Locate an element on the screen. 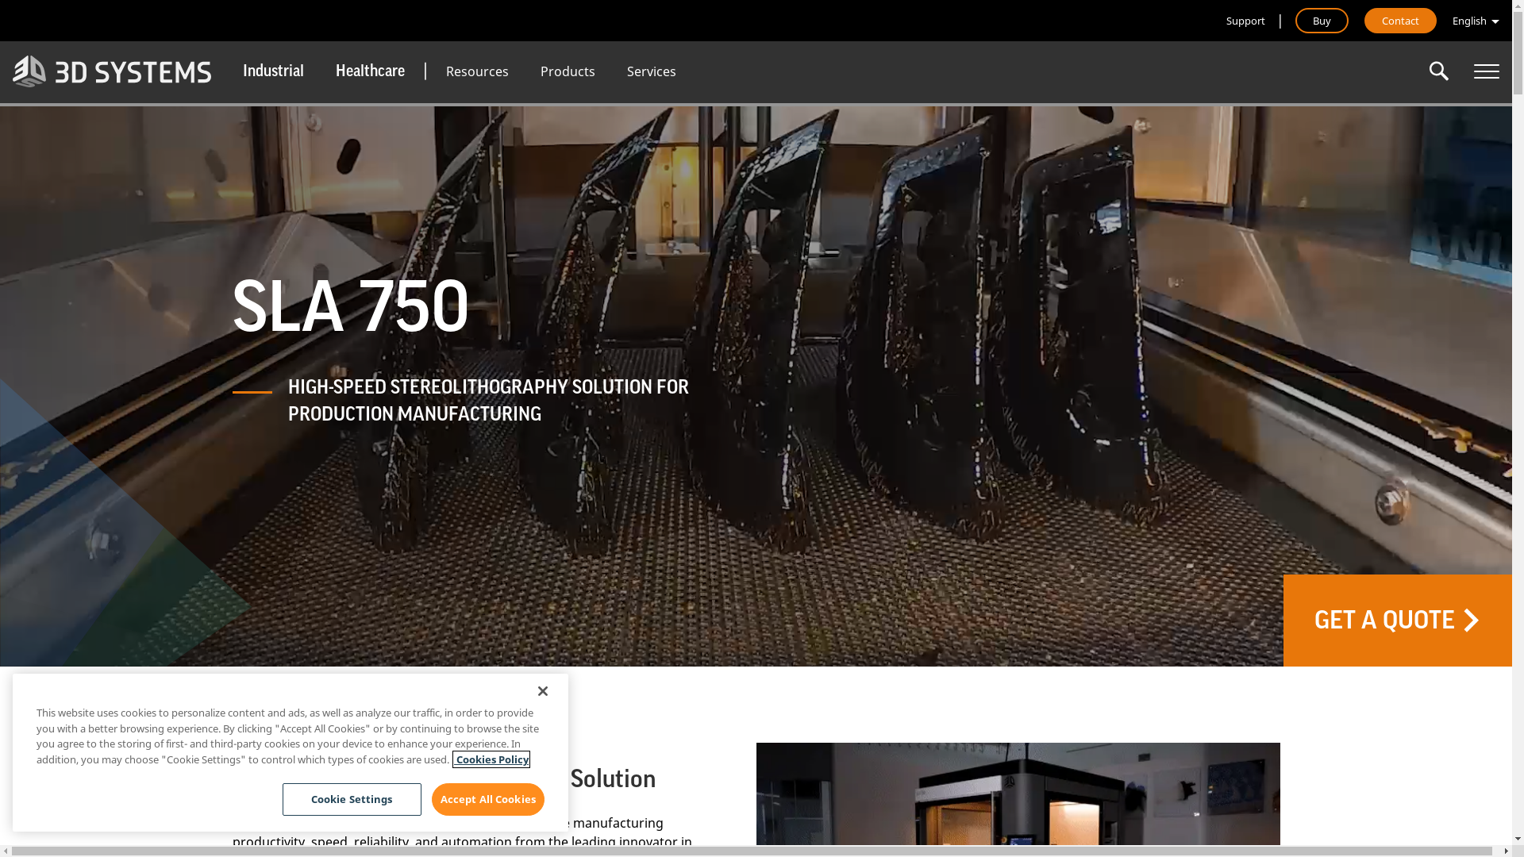  'Cookie Settings' is located at coordinates (351, 799).